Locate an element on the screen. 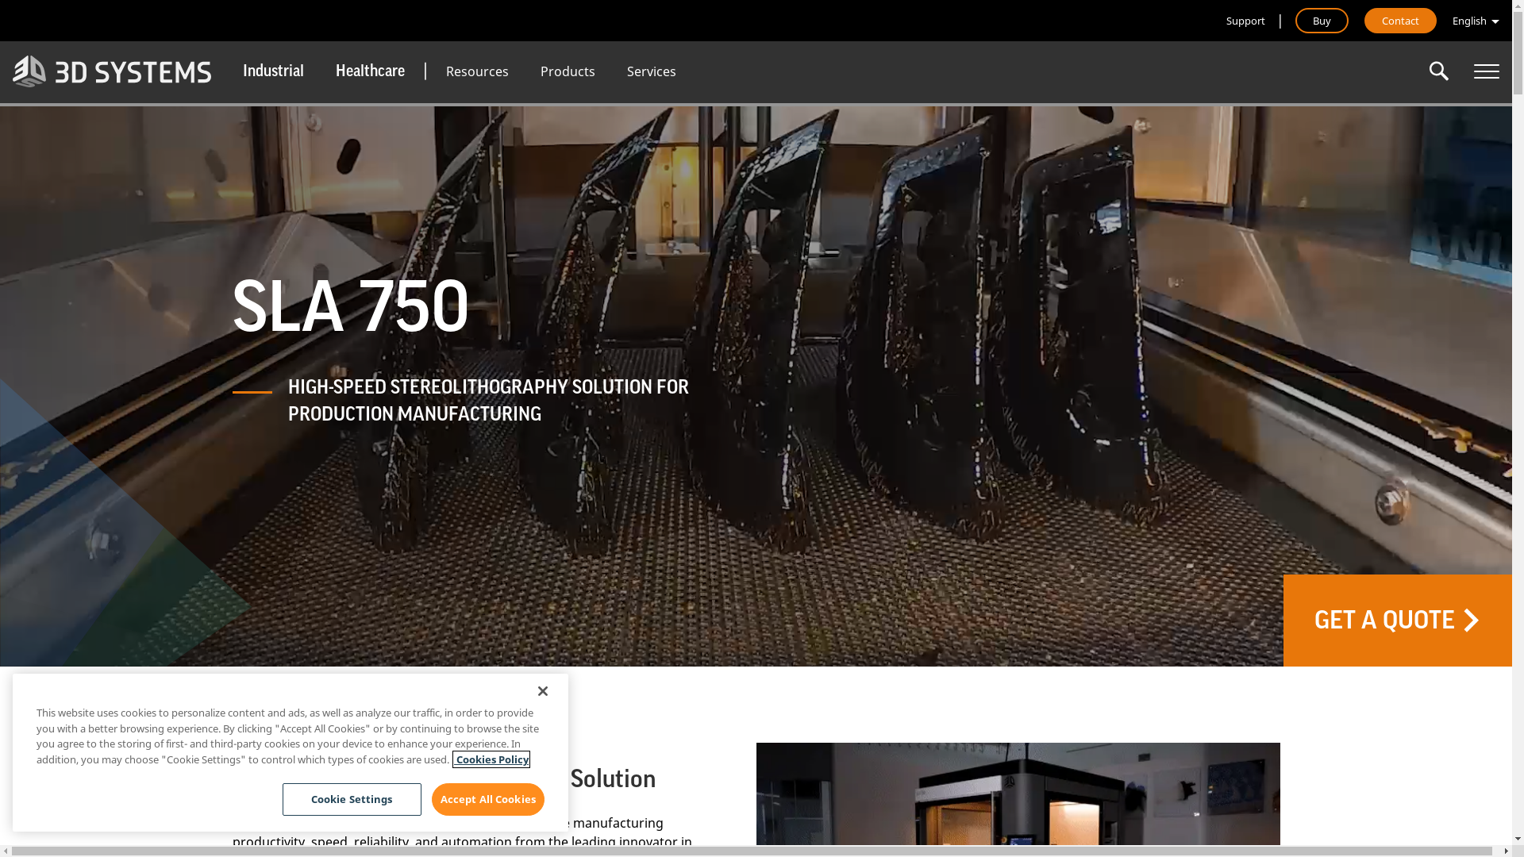  'Cookie Settings' is located at coordinates (351, 799).